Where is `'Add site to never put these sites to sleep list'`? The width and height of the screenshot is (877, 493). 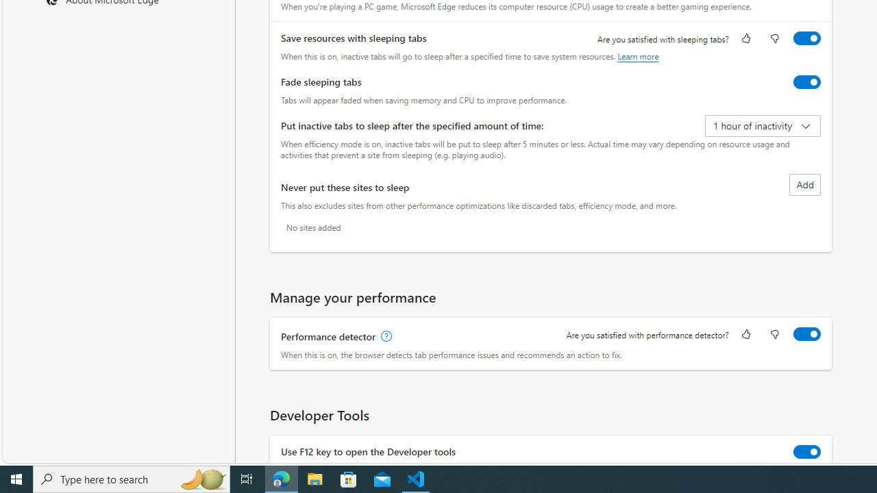 'Add site to never put these sites to sleep list' is located at coordinates (805, 185).